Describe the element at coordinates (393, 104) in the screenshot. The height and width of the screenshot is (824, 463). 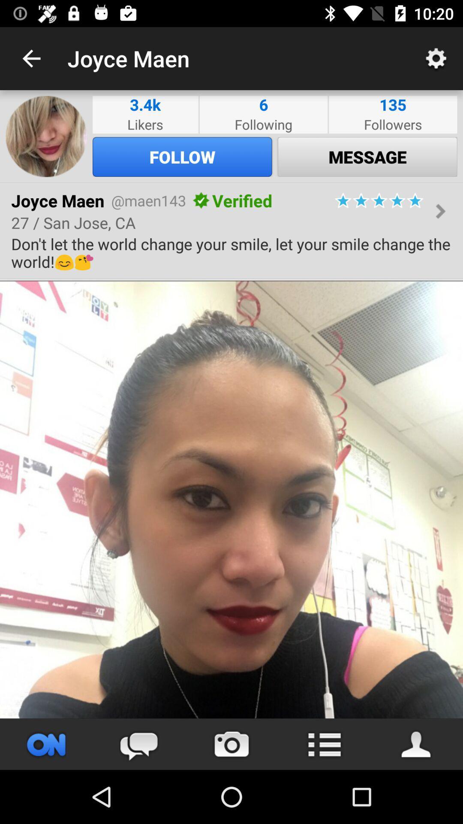
I see `135 icon` at that location.